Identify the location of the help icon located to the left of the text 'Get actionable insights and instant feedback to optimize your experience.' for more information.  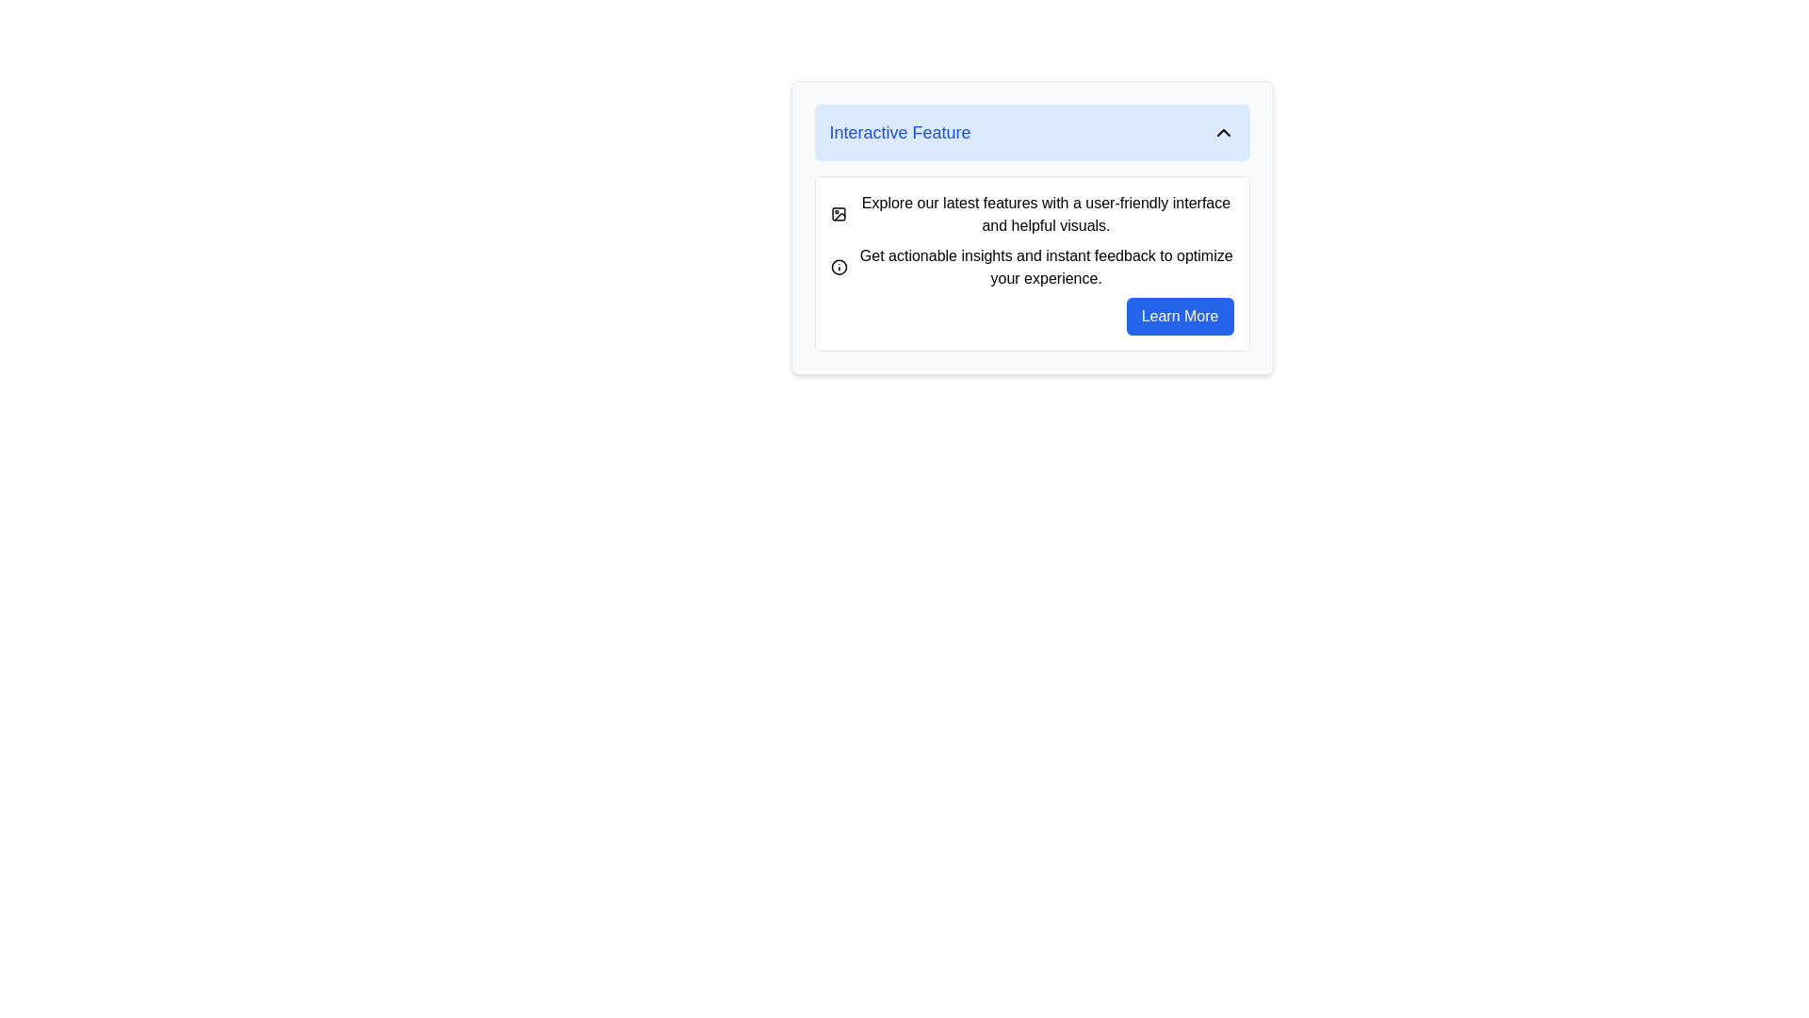
(838, 268).